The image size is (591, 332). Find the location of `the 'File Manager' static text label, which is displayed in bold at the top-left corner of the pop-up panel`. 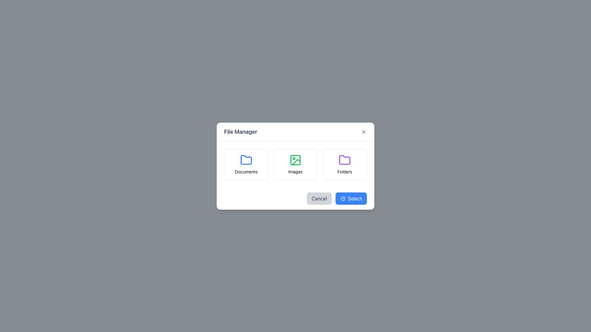

the 'File Manager' static text label, which is displayed in bold at the top-left corner of the pop-up panel is located at coordinates (240, 131).